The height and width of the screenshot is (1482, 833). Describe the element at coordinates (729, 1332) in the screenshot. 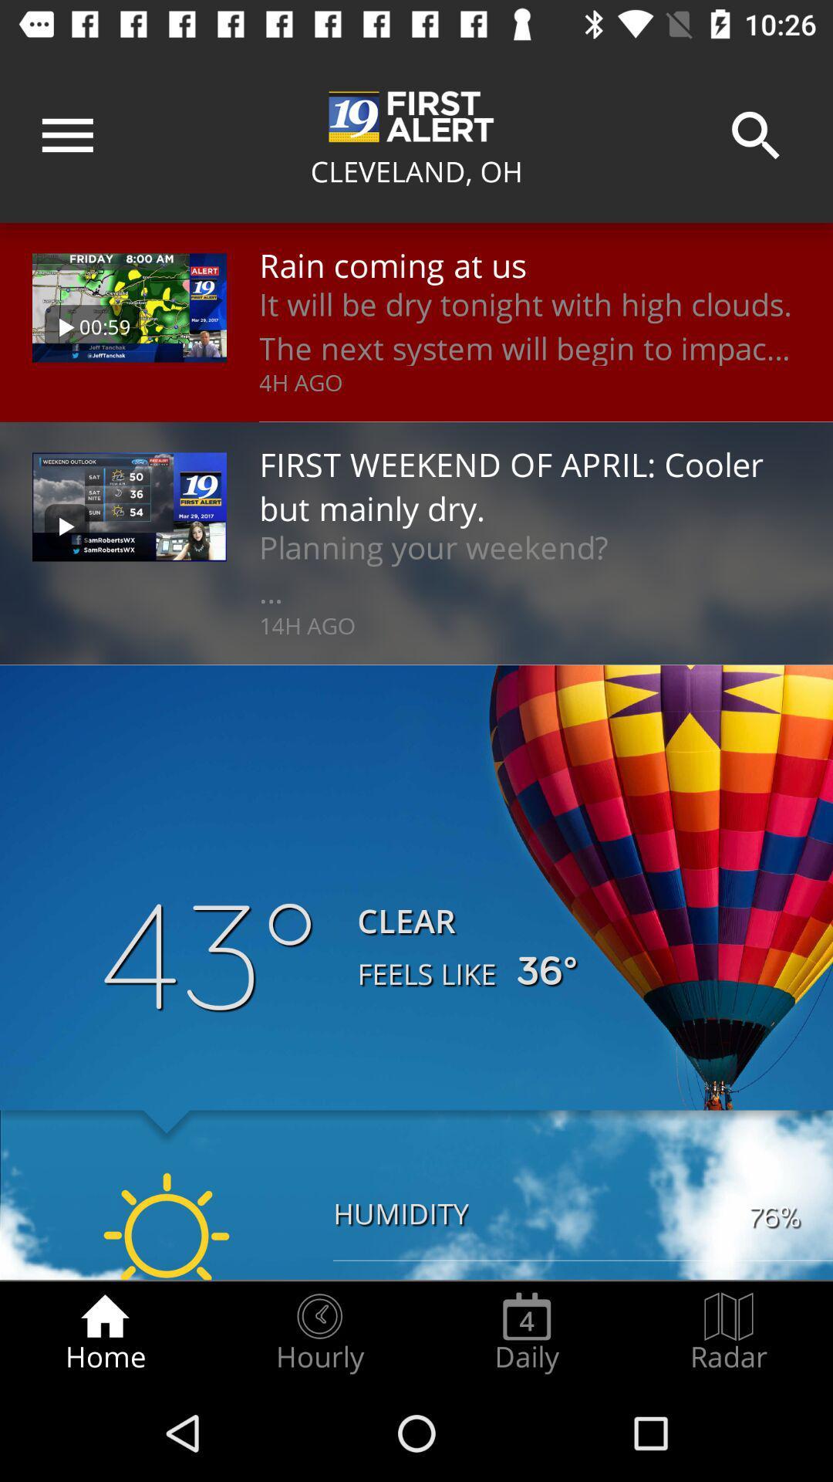

I see `icon to the right of daily radio button` at that location.